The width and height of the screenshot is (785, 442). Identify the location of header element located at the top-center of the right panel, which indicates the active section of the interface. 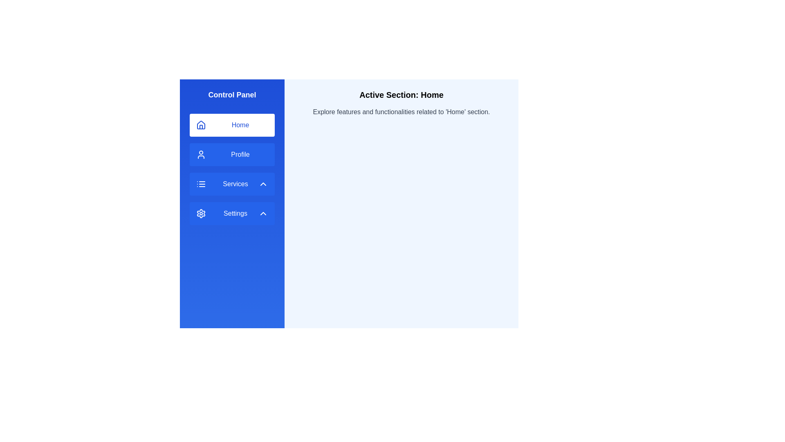
(401, 94).